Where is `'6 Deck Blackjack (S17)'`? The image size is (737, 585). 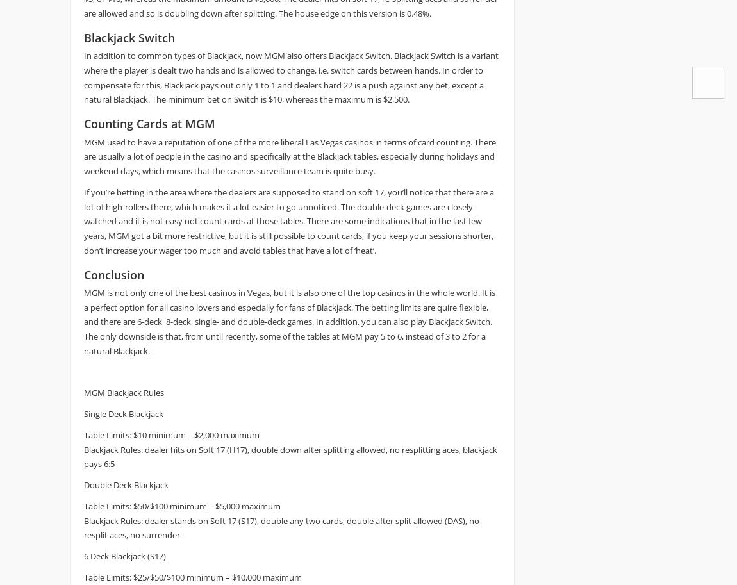
'6 Deck Blackjack (S17)' is located at coordinates (124, 556).